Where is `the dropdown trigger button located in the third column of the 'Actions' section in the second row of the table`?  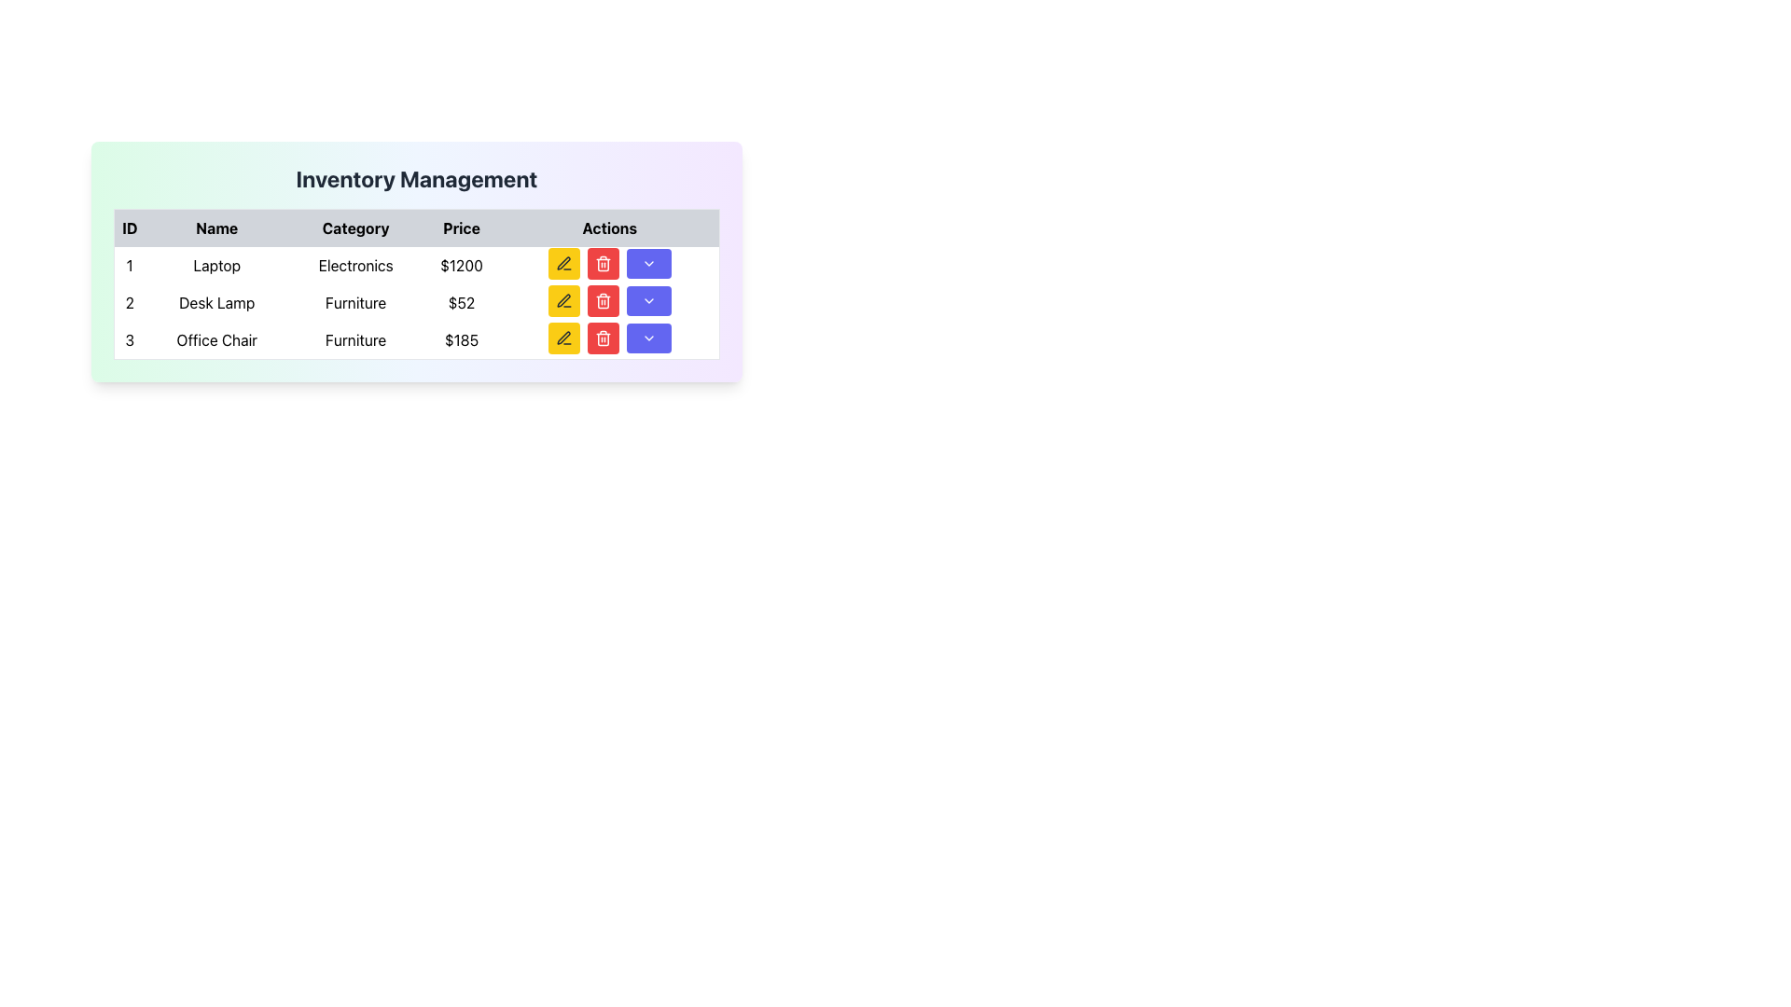 the dropdown trigger button located in the third column of the 'Actions' section in the second row of the table is located at coordinates (648, 300).